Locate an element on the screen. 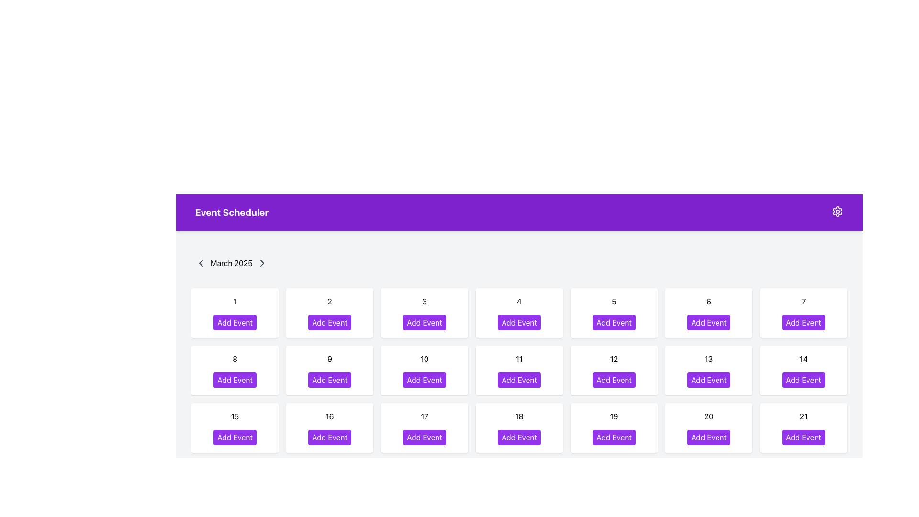 Image resolution: width=919 pixels, height=517 pixels. the navigation icon button located to the right of 'March 2025' is located at coordinates (262, 263).